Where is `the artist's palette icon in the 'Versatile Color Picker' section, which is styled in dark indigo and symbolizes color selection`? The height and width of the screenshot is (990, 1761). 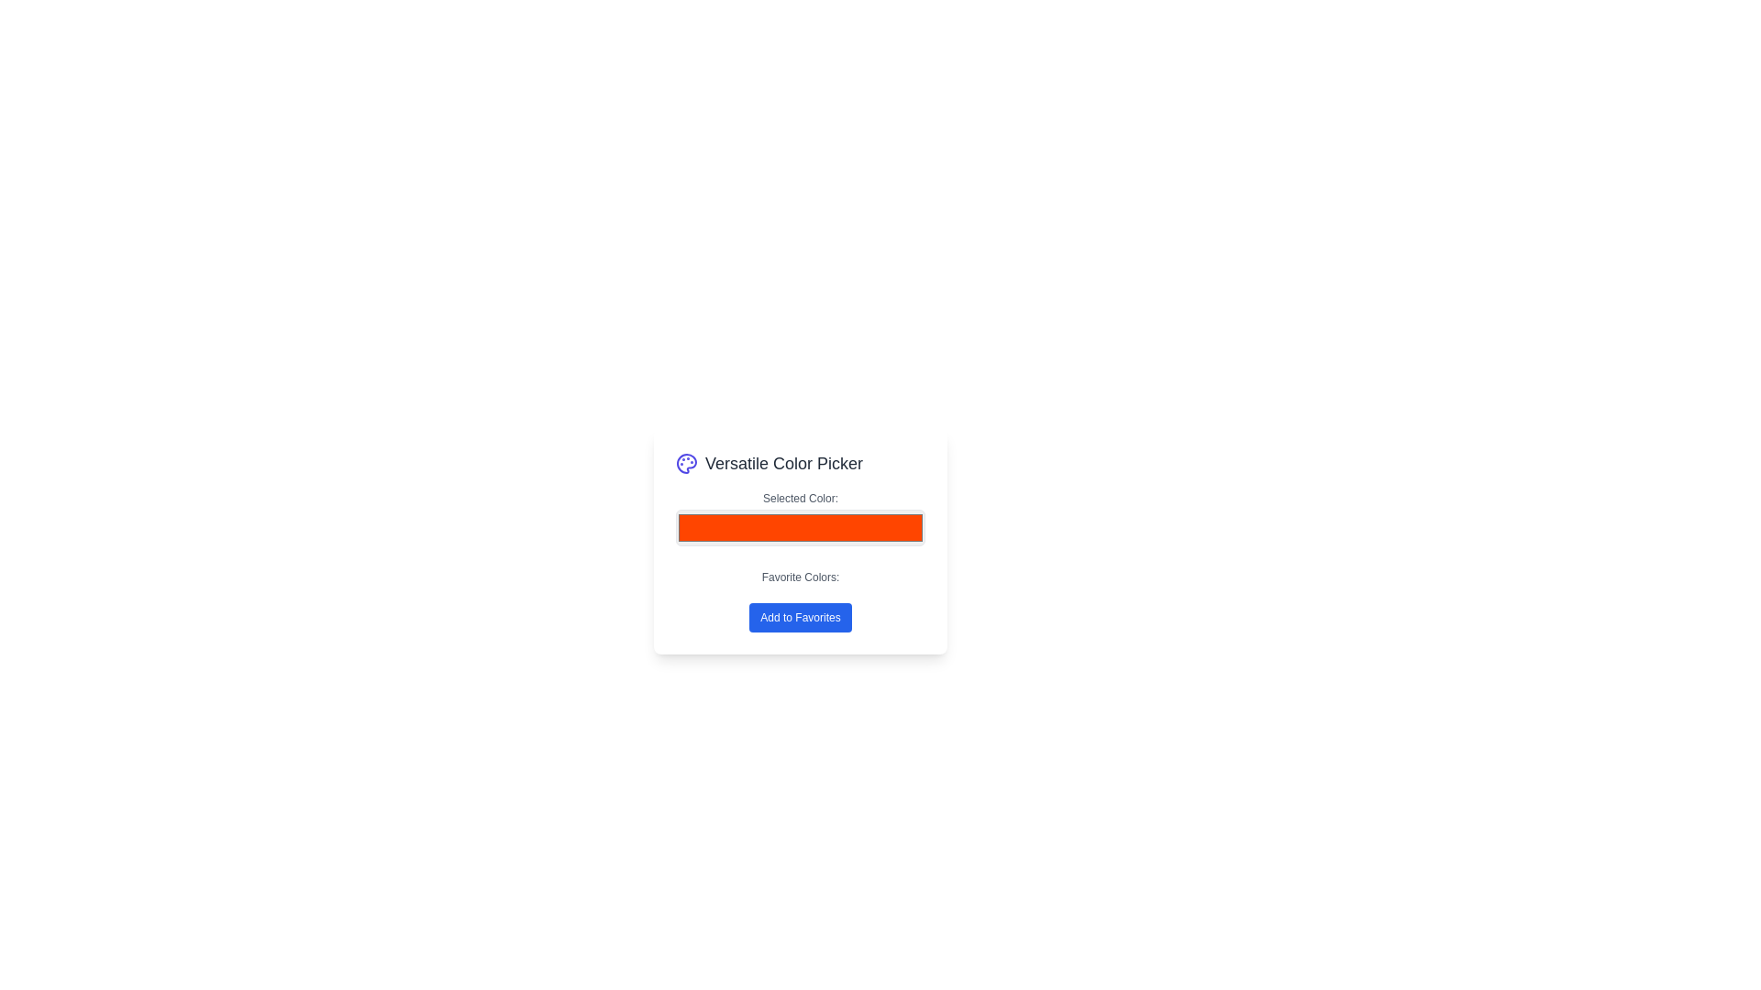 the artist's palette icon in the 'Versatile Color Picker' section, which is styled in dark indigo and symbolizes color selection is located at coordinates (685, 462).